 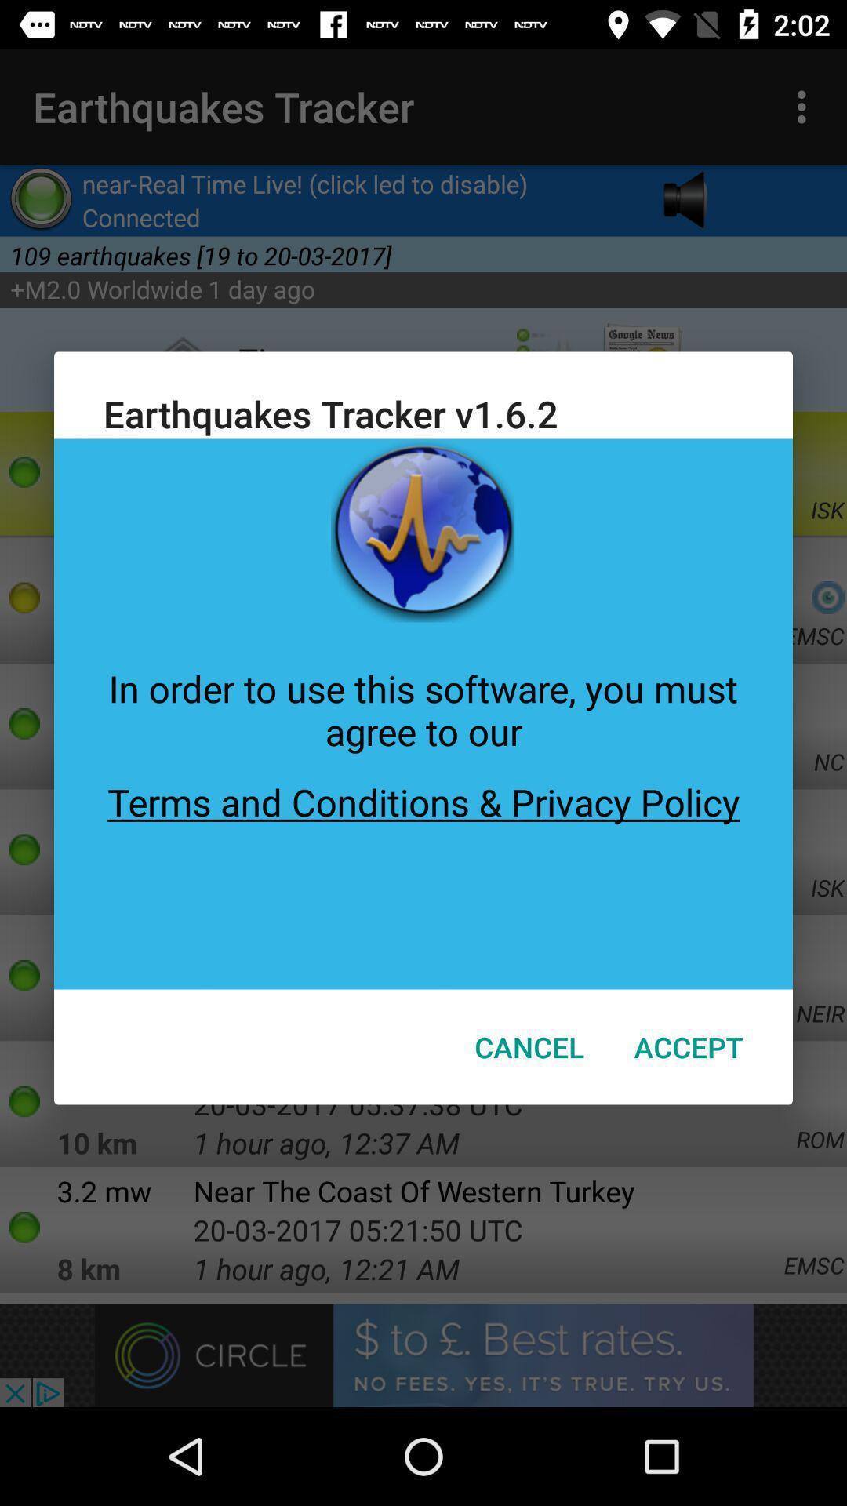 What do you see at coordinates (688, 1046) in the screenshot?
I see `item below the terms and conditions item` at bounding box center [688, 1046].